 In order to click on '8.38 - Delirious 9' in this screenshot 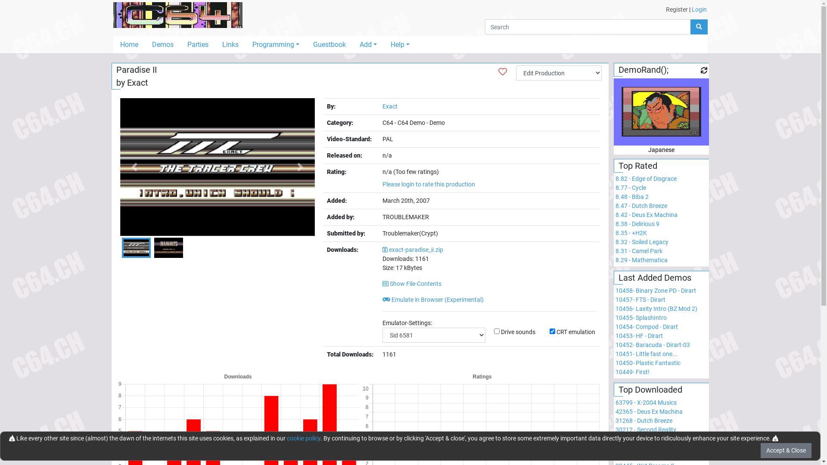, I will do `click(637, 223)`.